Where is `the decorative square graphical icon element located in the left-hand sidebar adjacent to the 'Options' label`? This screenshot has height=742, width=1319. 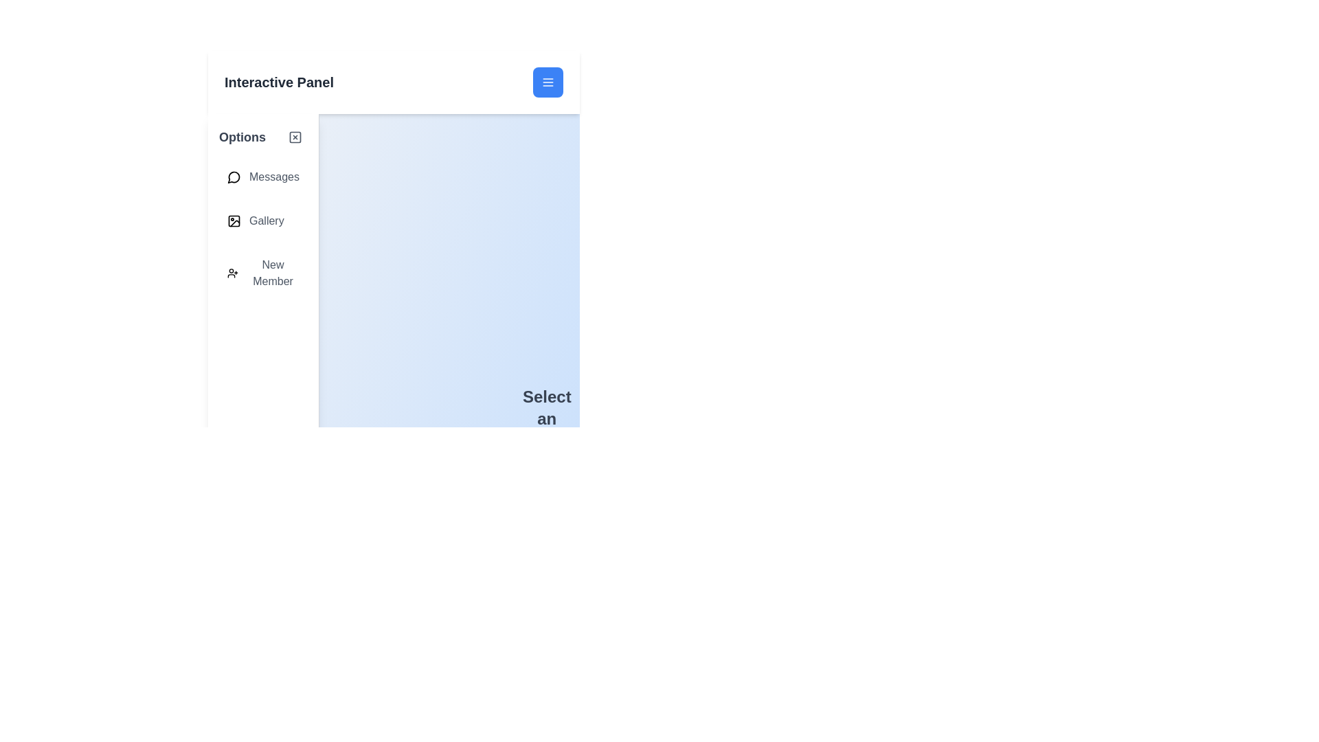 the decorative square graphical icon element located in the left-hand sidebar adjacent to the 'Options' label is located at coordinates (294, 137).